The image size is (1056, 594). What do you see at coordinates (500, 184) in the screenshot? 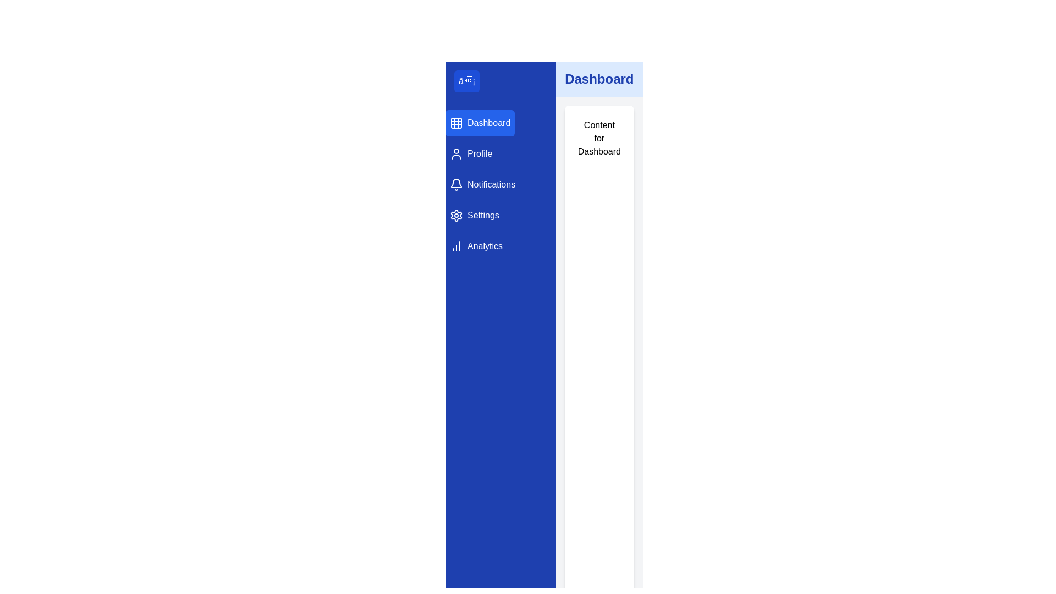
I see `the 'Notifications' button in the left sidebar navigation menu` at bounding box center [500, 184].